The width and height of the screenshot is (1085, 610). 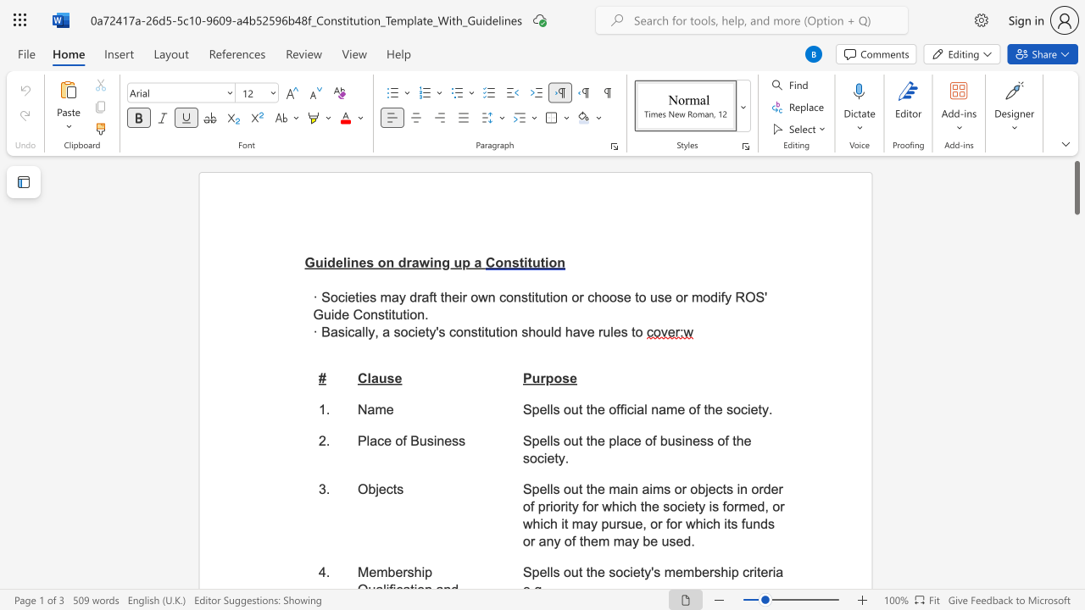 What do you see at coordinates (345, 332) in the screenshot?
I see `the 1th character "i" in the text` at bounding box center [345, 332].